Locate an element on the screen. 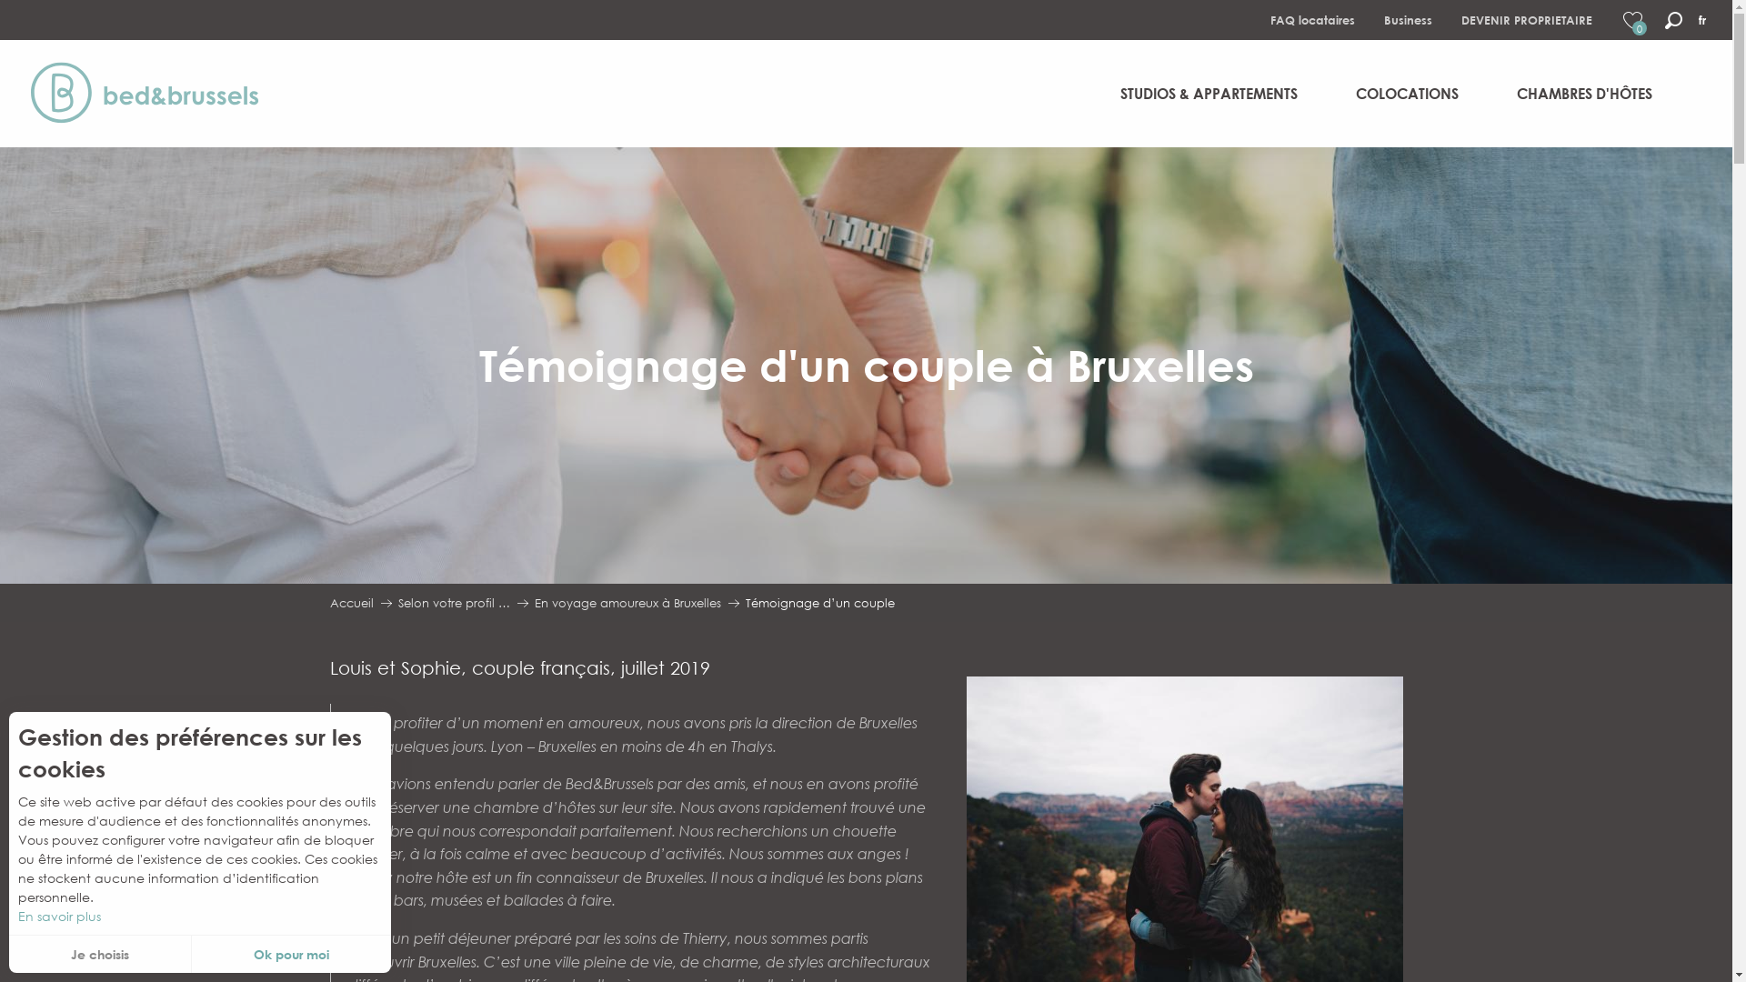 The height and width of the screenshot is (982, 1746). 'Business' is located at coordinates (1407, 20).